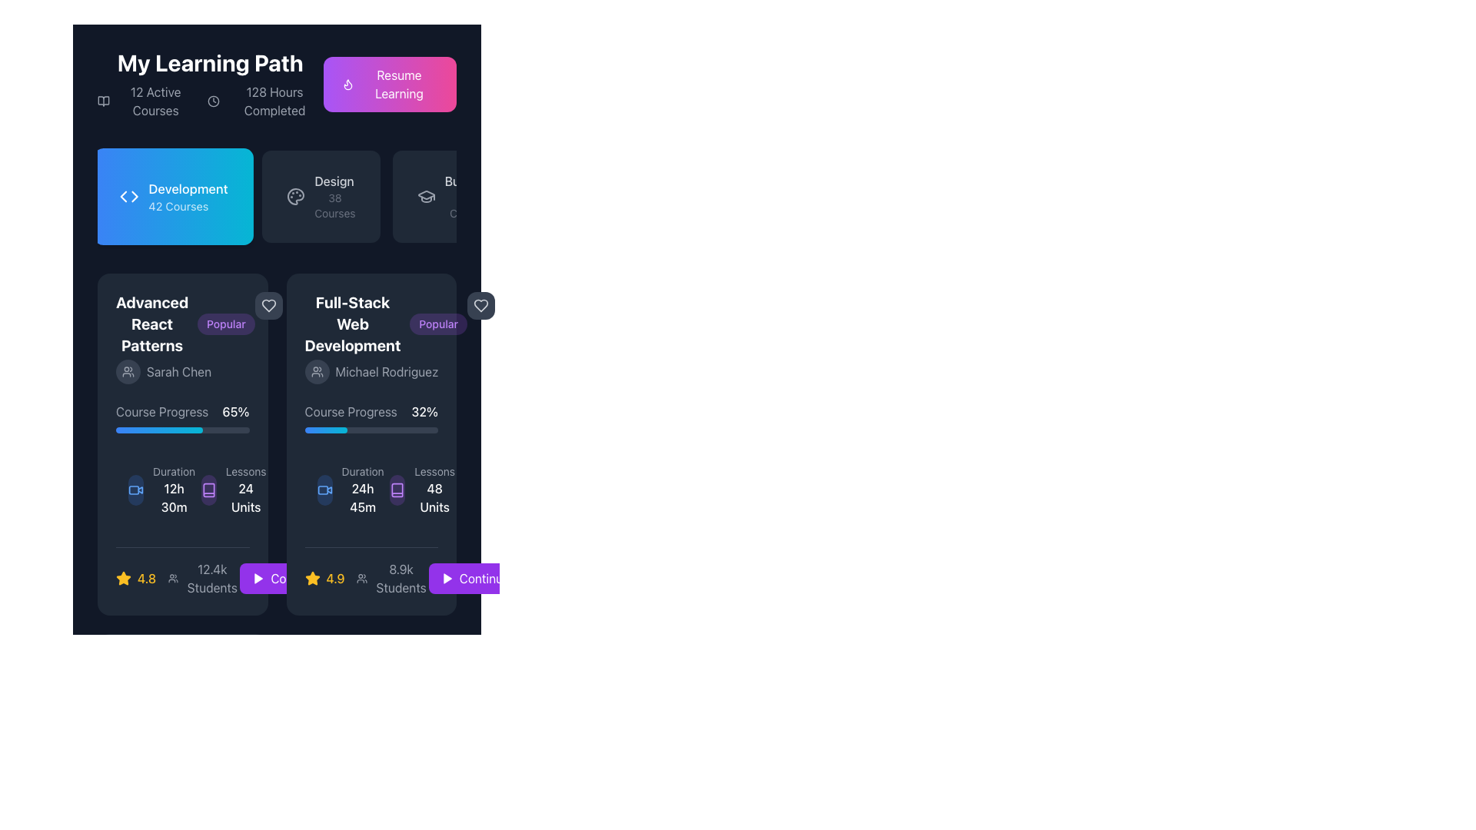 This screenshot has height=830, width=1476. Describe the element at coordinates (362, 470) in the screenshot. I see `the static text label indicating the duration of the course, which is positioned above the '24h 45m' text in the course card for 'Full-Stack Web Development.'` at that location.